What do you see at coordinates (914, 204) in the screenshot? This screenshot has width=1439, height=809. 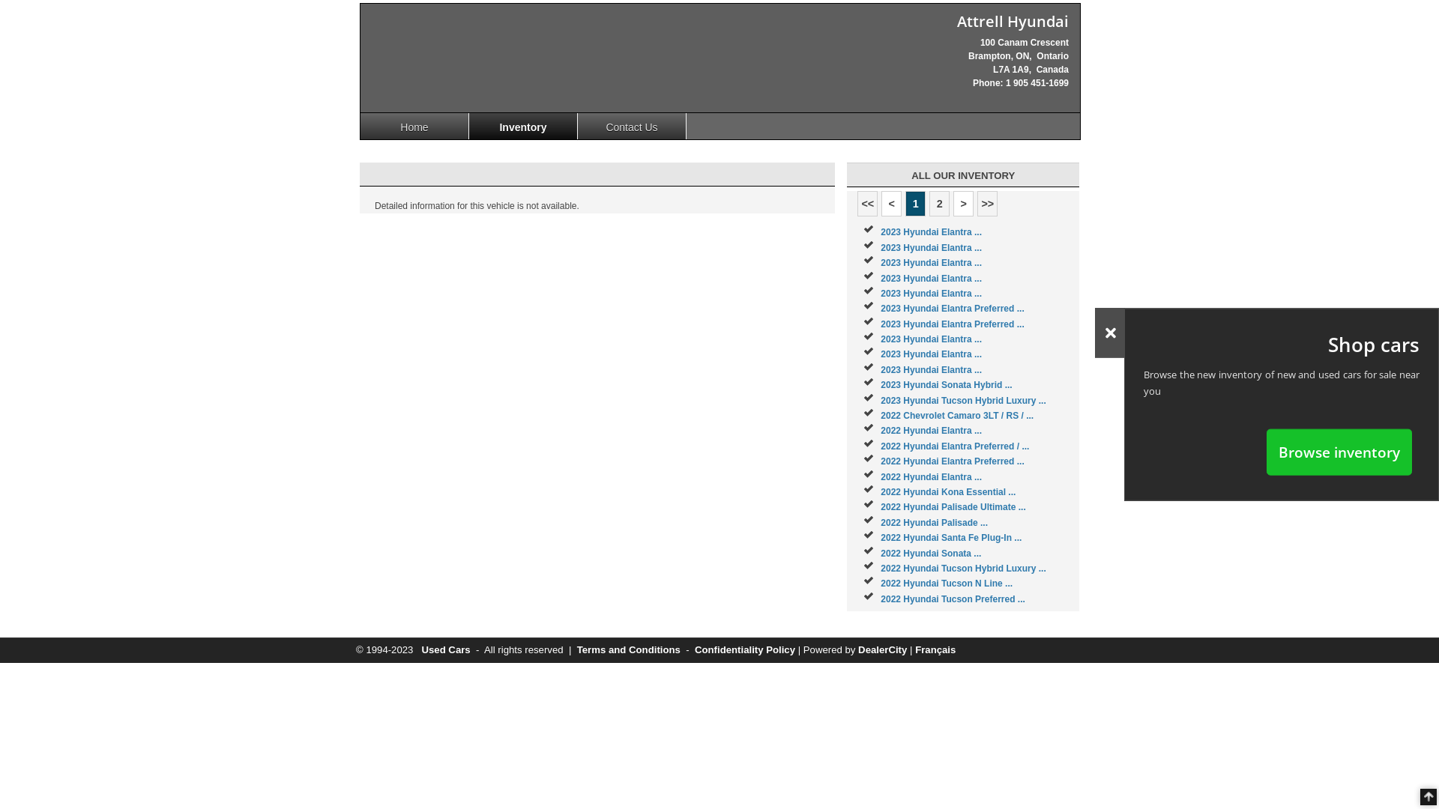 I see `'1'` at bounding box center [914, 204].